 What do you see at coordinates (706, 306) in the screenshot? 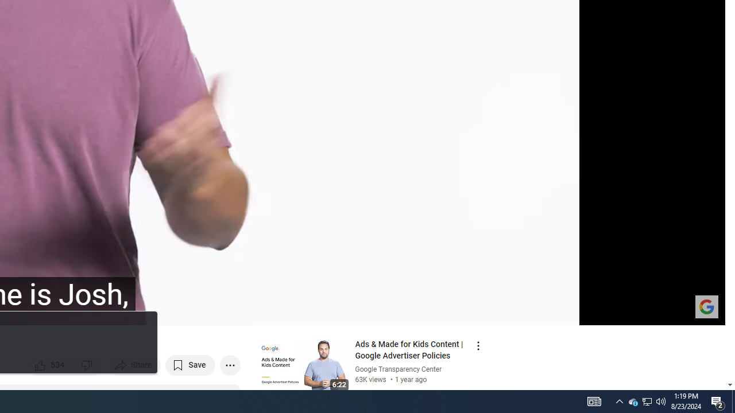
I see `'Channel watermark'` at bounding box center [706, 306].